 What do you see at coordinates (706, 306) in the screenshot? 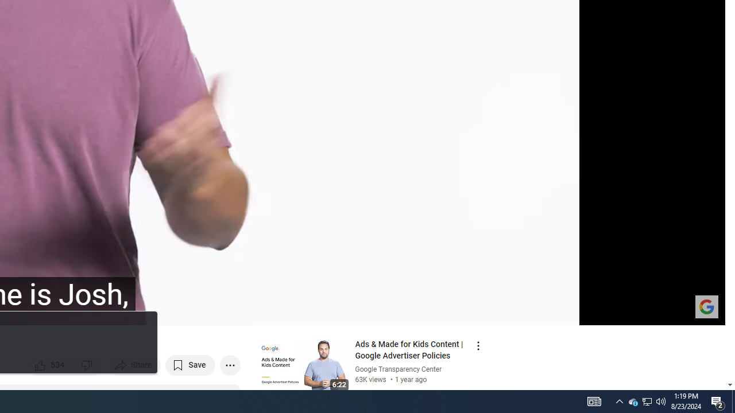
I see `'Channel watermark'` at bounding box center [706, 306].